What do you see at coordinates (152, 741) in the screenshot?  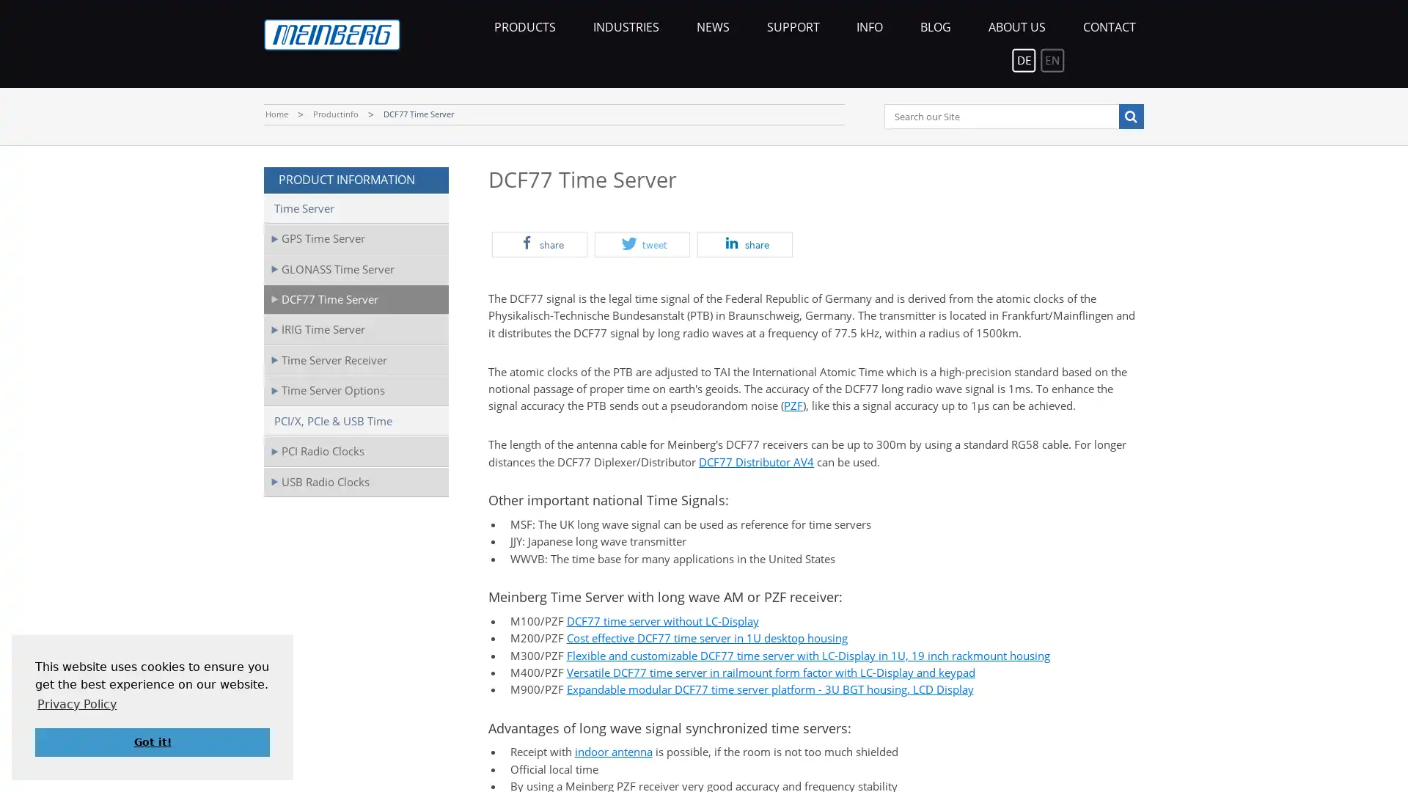 I see `dismiss cookie message` at bounding box center [152, 741].